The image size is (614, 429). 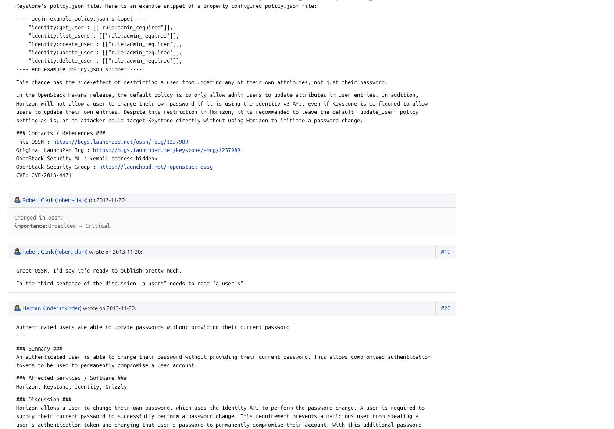 What do you see at coordinates (136, 141) in the screenshot?
I see `'.net/ossn/'` at bounding box center [136, 141].